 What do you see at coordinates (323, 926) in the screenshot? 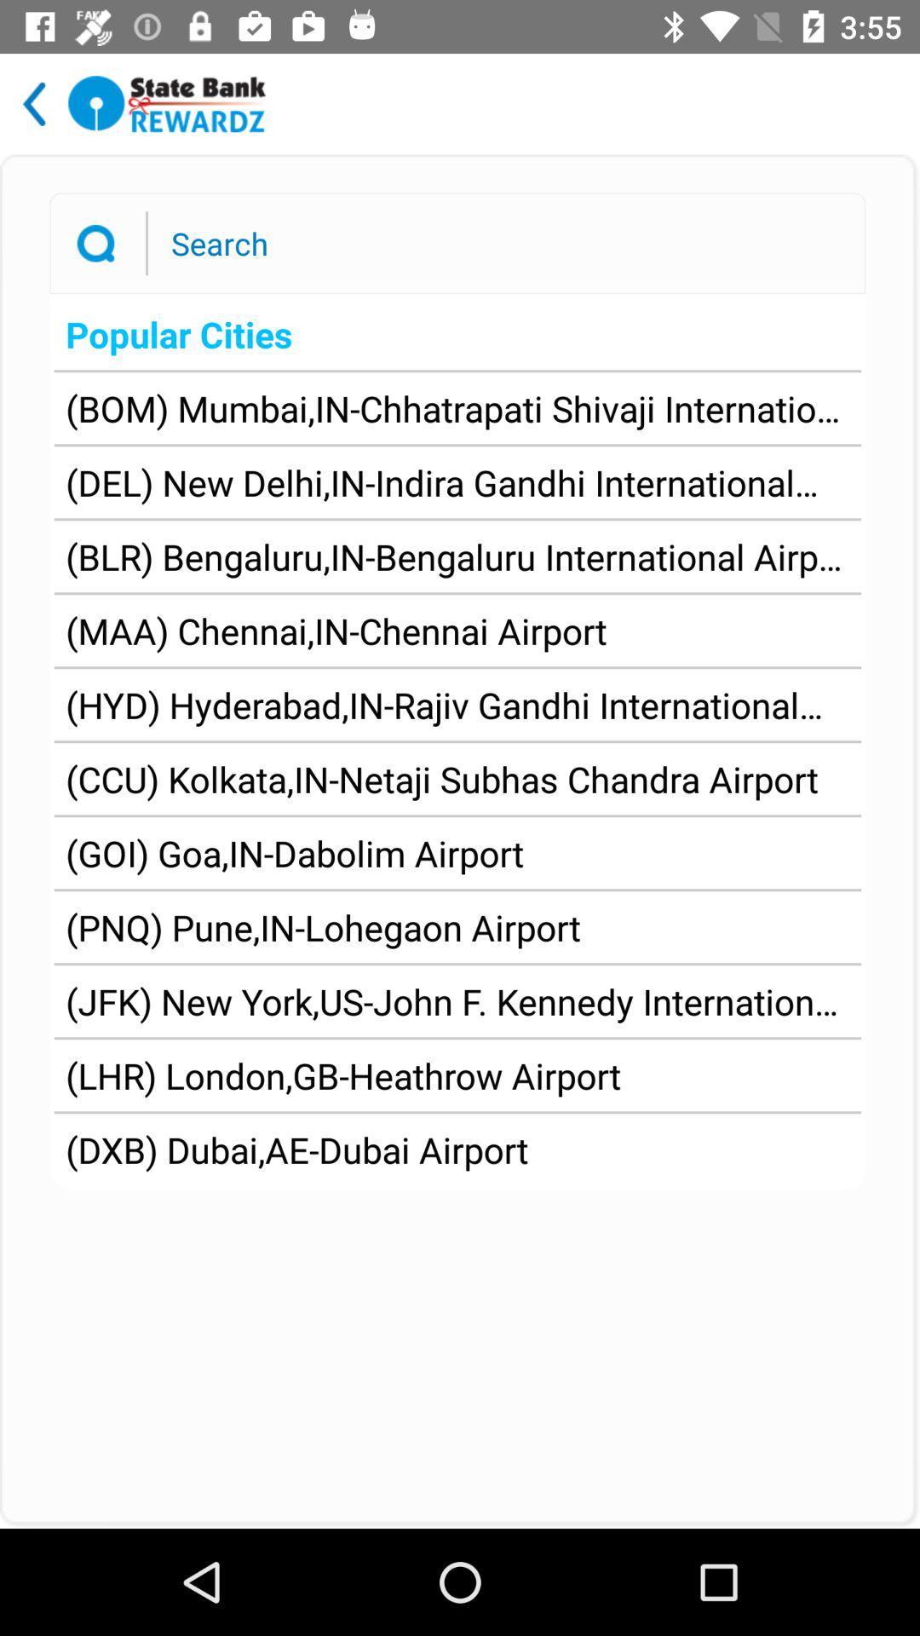
I see `item below the goi goa in app` at bounding box center [323, 926].